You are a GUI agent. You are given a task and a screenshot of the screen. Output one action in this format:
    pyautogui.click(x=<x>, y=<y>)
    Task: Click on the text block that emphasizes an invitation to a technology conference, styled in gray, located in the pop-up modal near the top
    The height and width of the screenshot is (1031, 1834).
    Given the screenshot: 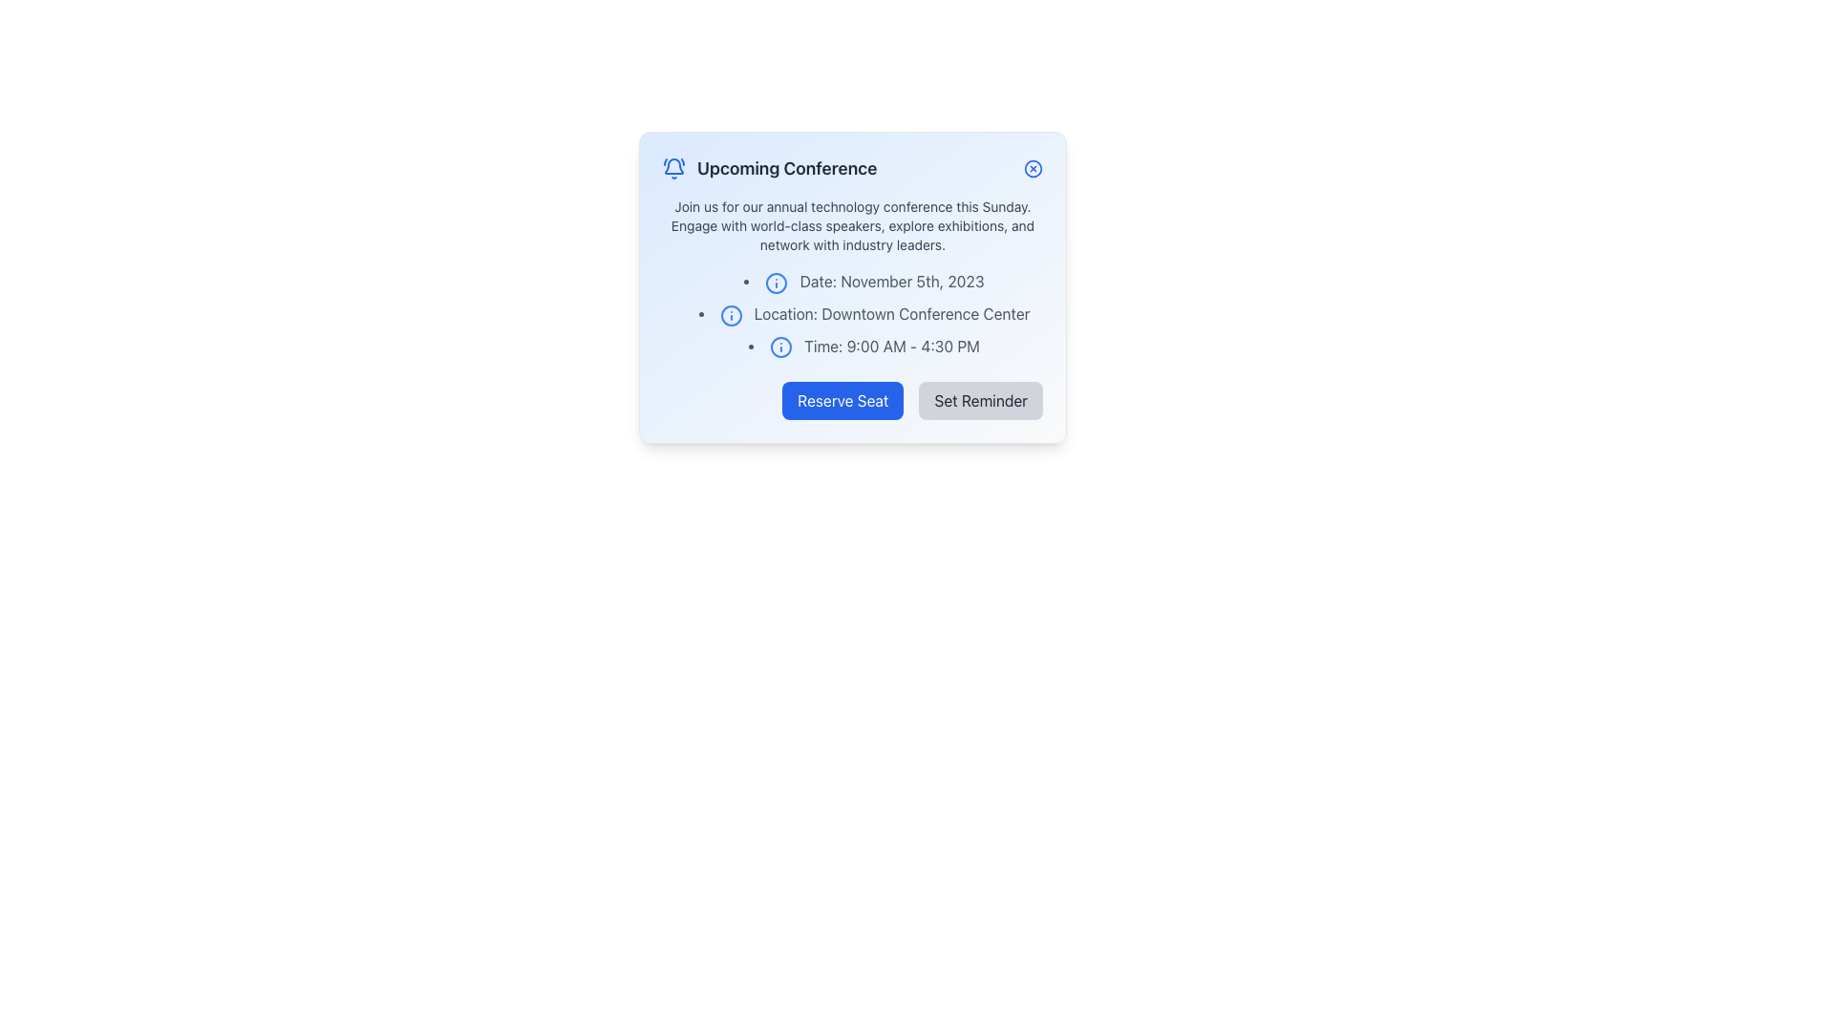 What is the action you would take?
    pyautogui.click(x=851, y=224)
    